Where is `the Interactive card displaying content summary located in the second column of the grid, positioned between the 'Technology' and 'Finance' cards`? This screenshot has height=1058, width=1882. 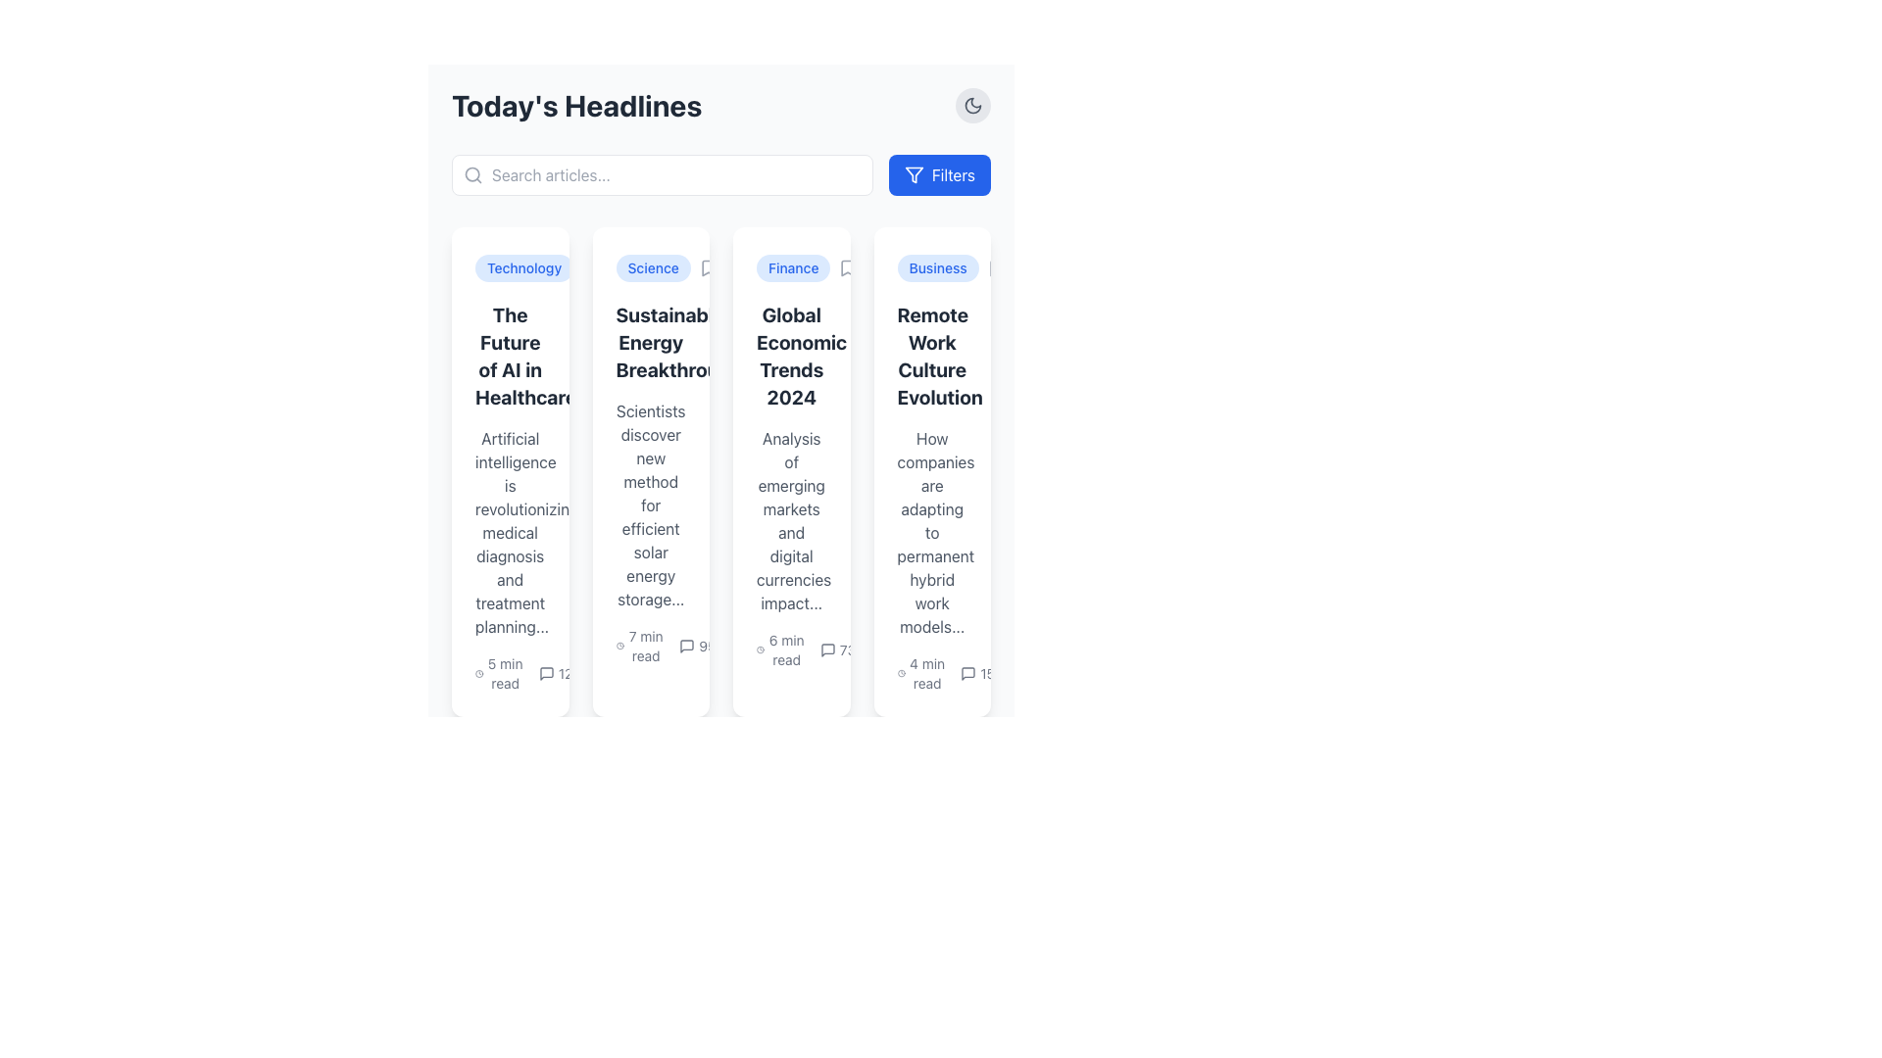
the Interactive card displaying content summary located in the second column of the grid, positioned between the 'Technology' and 'Finance' cards is located at coordinates (651, 472).